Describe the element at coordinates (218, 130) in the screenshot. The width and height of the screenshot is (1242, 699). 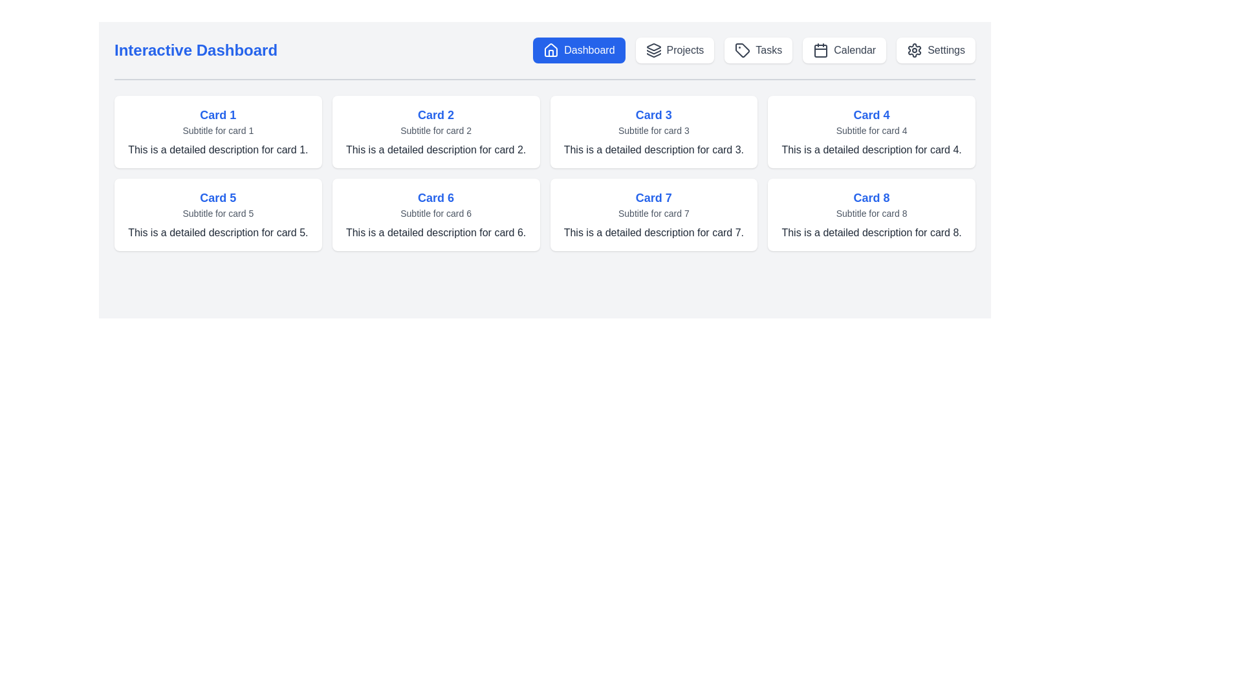
I see `the informative subtitle text of the first card in the grid layout, located below 'Card 1' and above the detailed description` at that location.